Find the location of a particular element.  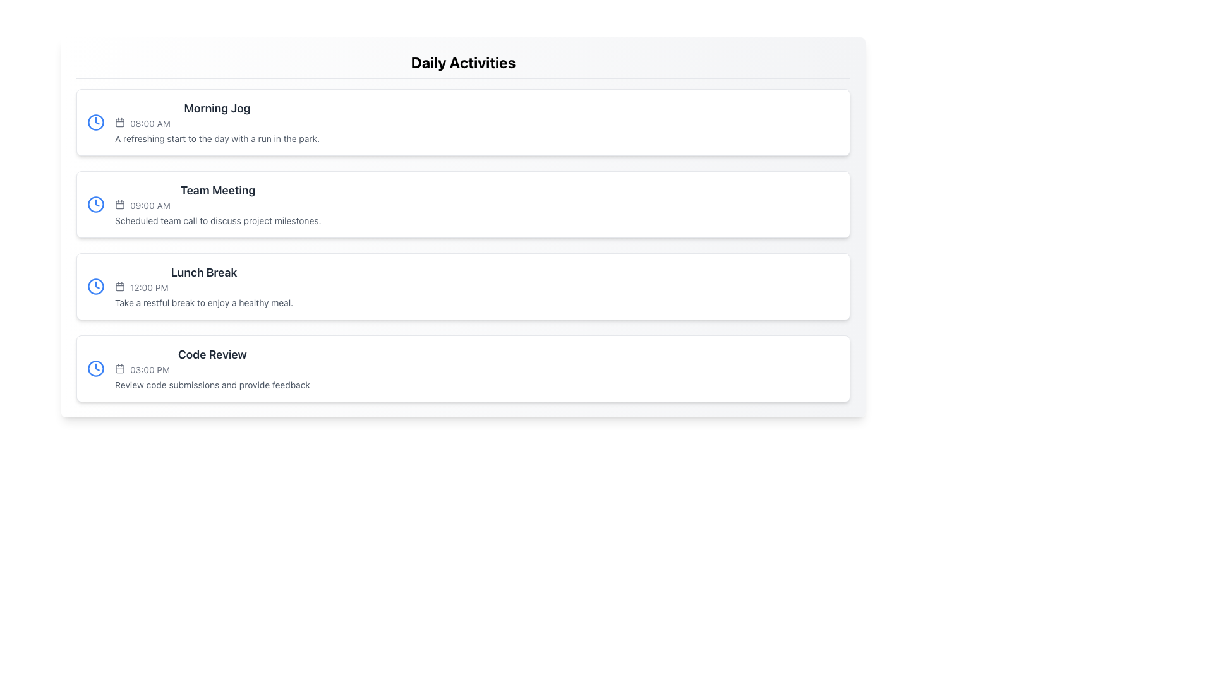

the text label that provides additional details about the 'Team Meeting' schedule item located directly below the '09:00 AM' label is located at coordinates (218, 220).